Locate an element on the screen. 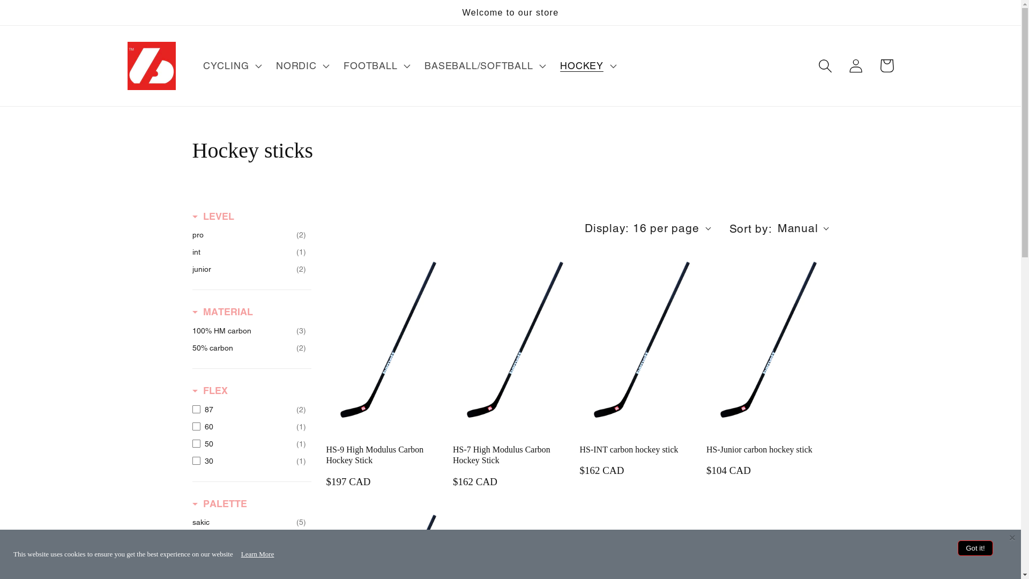 Image resolution: width=1029 pixels, height=579 pixels. 'lidstrom is located at coordinates (192, 539).